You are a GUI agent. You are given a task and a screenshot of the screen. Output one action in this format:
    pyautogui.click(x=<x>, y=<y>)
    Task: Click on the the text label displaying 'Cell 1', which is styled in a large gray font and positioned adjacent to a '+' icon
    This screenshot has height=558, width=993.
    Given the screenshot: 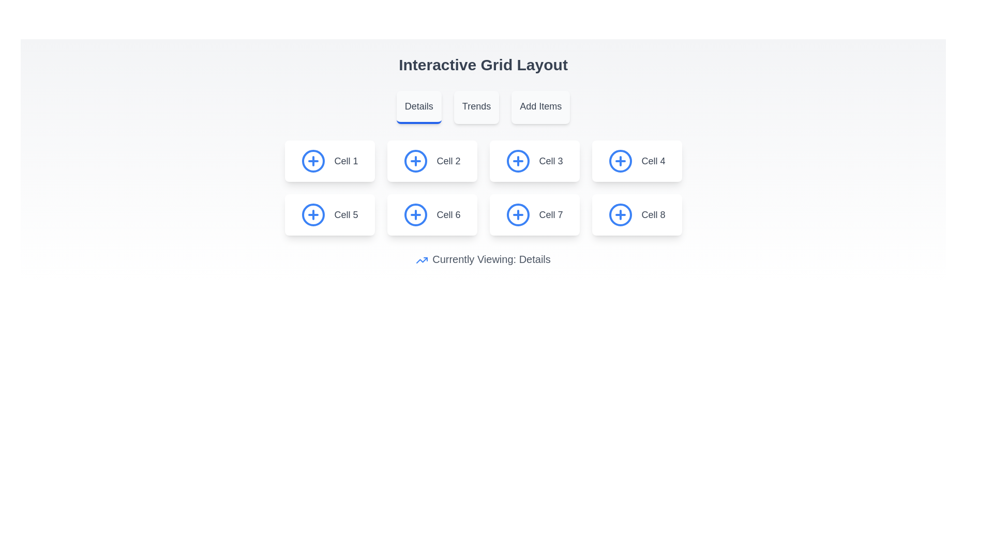 What is the action you would take?
    pyautogui.click(x=346, y=161)
    